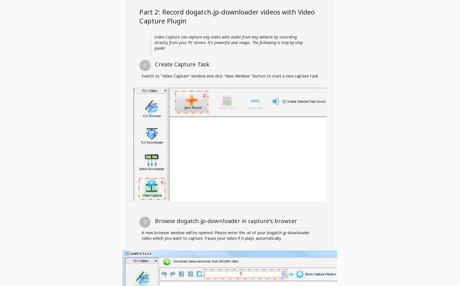 Image resolution: width=460 pixels, height=286 pixels. What do you see at coordinates (226, 220) in the screenshot?
I see `'Browse dogatch.jp-downloader in capture's browser'` at bounding box center [226, 220].